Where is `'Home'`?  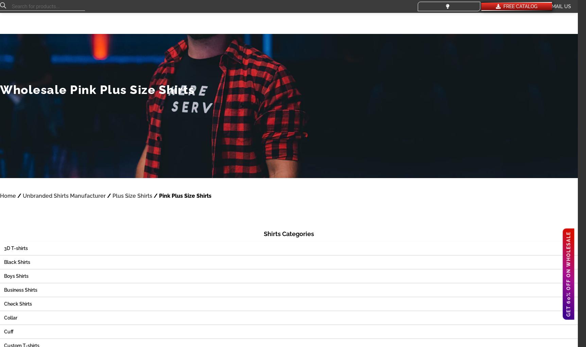
'Home' is located at coordinates (0, 196).